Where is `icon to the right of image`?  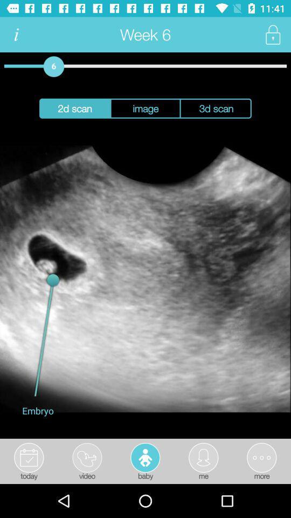 icon to the right of image is located at coordinates (216, 108).